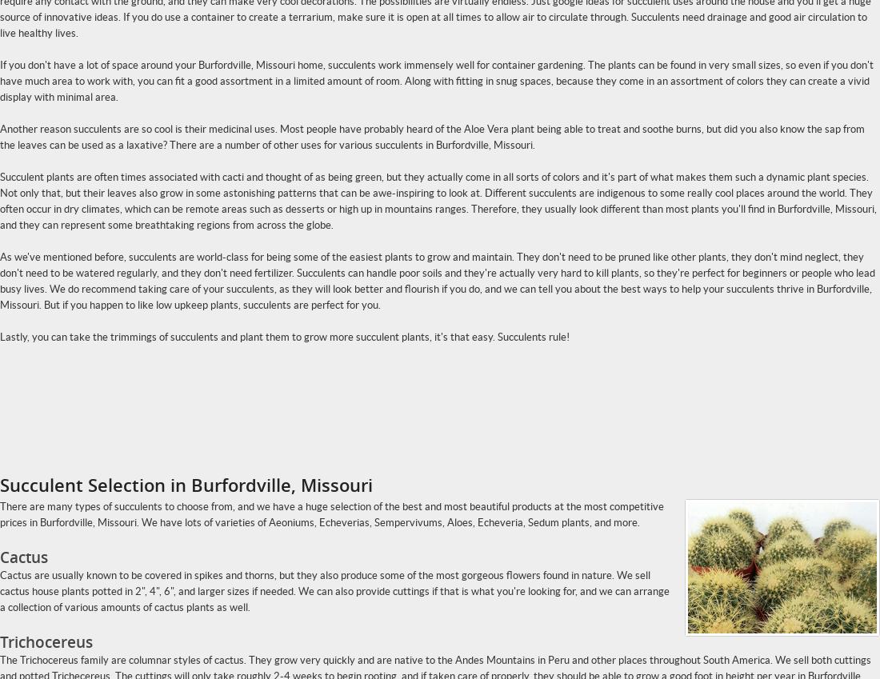 The image size is (880, 679). I want to click on 'Lastly, you can take the trimmings of succulents and plant them to grow more succulent plants, it's that easy. Succulents rule!', so click(0, 336).